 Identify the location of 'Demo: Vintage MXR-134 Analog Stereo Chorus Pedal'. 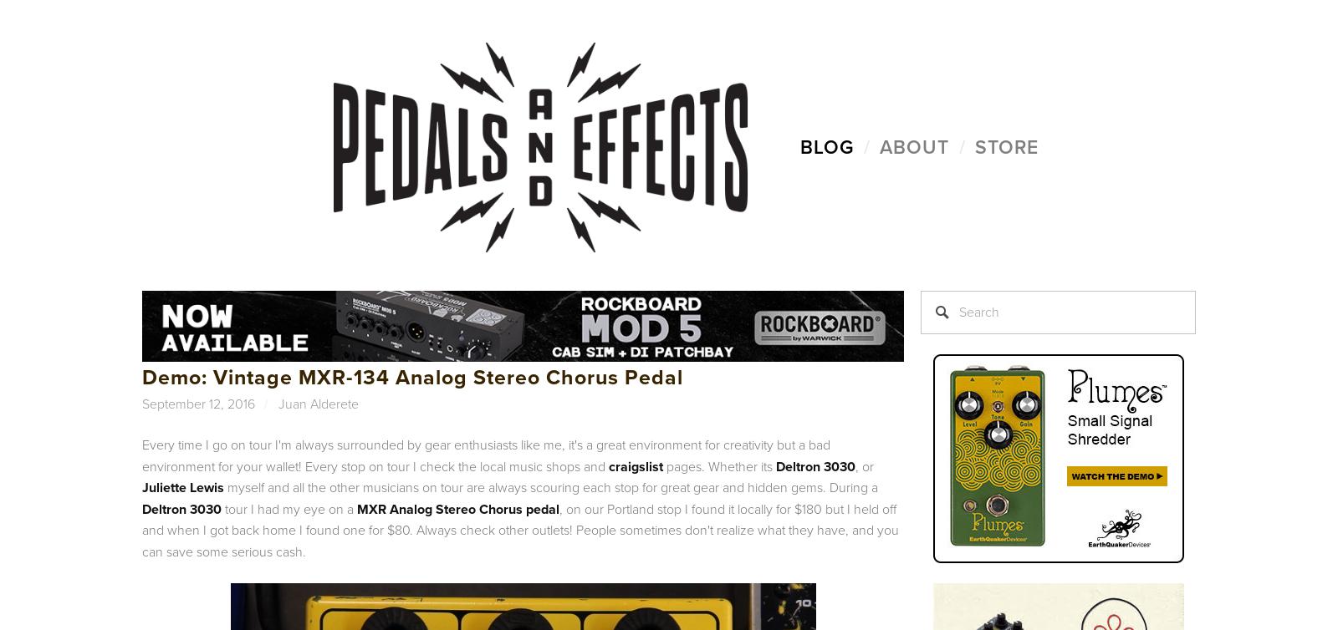
(411, 377).